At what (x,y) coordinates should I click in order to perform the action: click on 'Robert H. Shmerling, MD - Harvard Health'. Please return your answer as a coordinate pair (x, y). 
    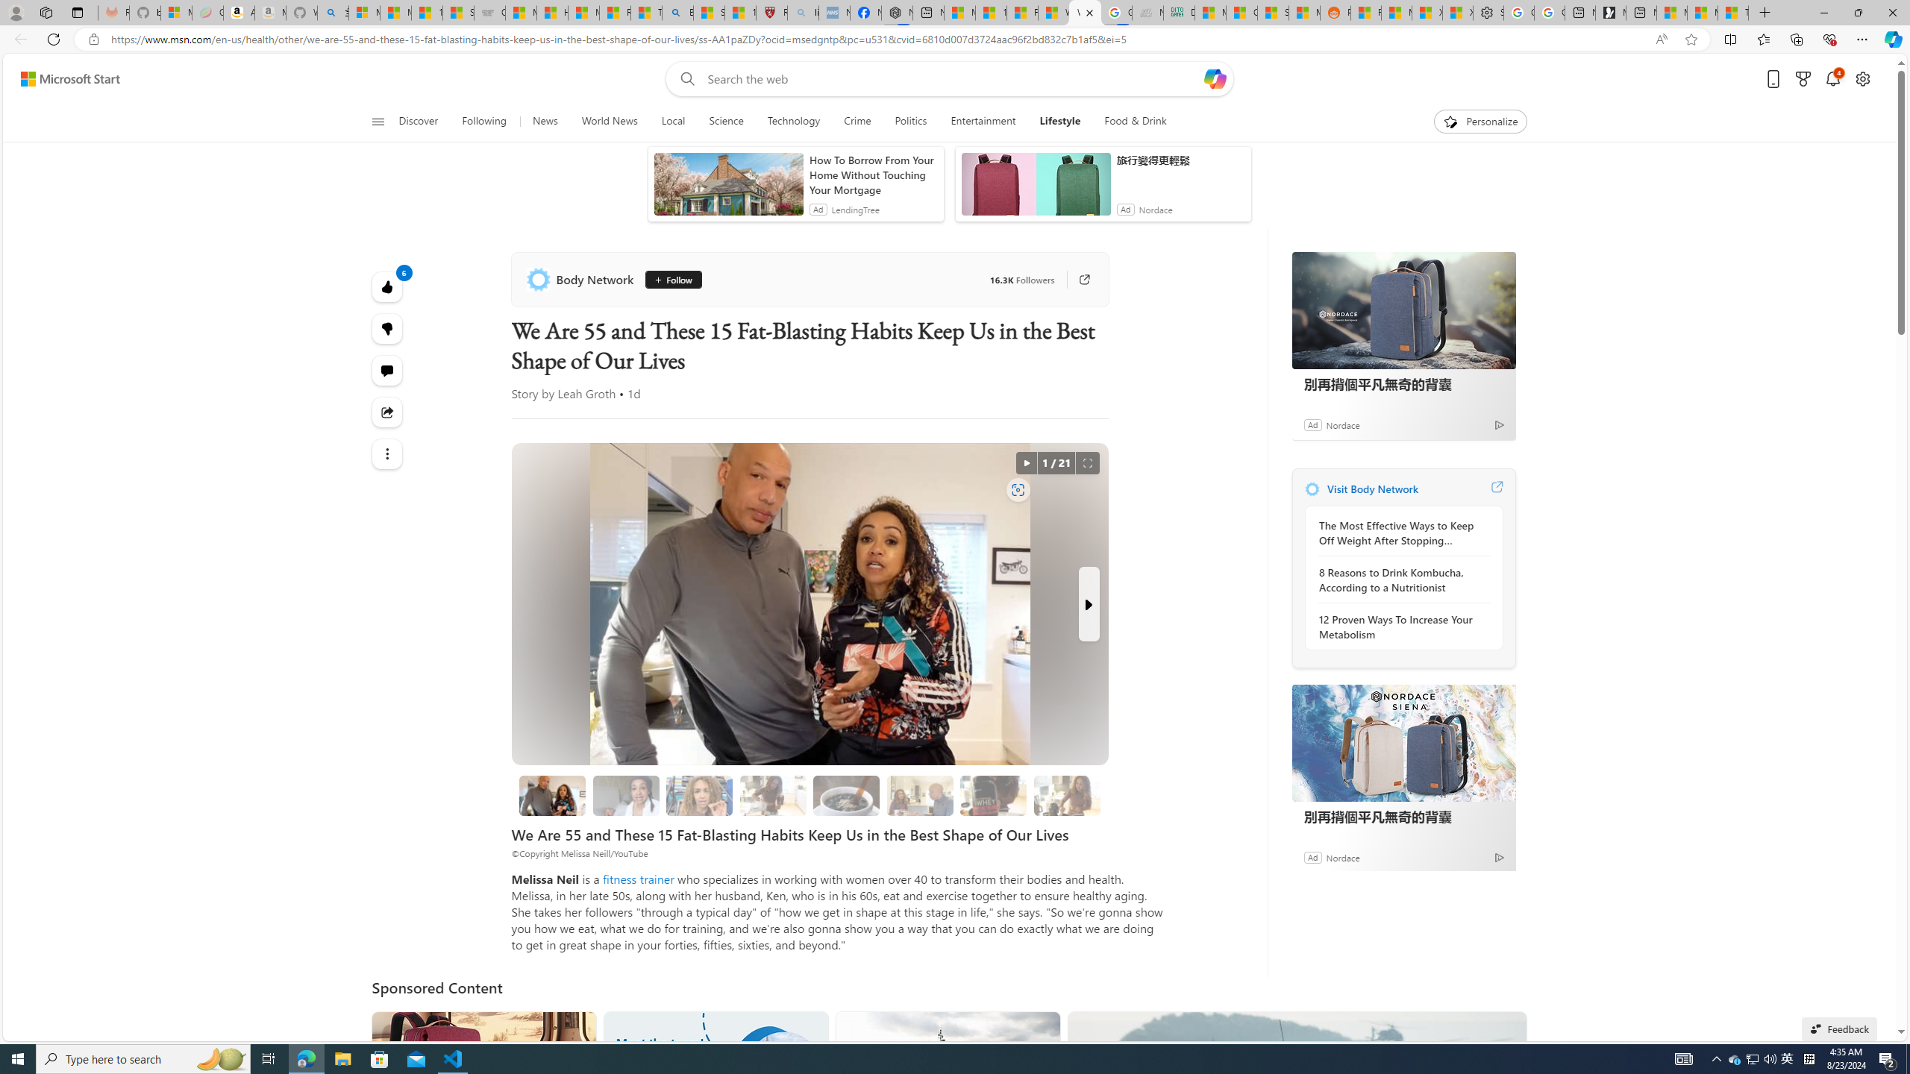
    Looking at the image, I should click on (772, 12).